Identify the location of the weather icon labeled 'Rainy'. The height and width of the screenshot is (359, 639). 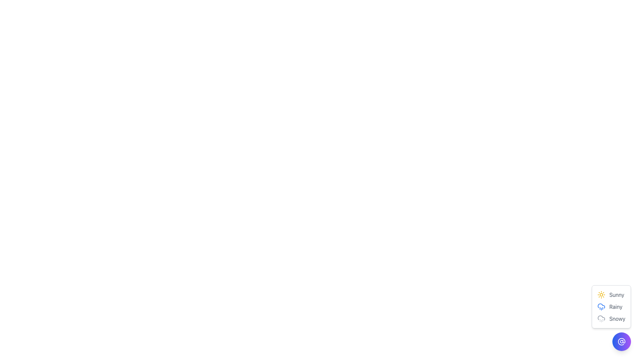
(611, 306).